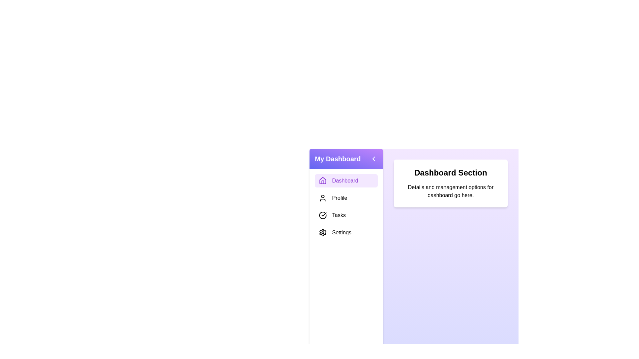 The height and width of the screenshot is (359, 639). I want to click on the circular check mark icon located to the left of the 'Tasks' text in the vertical navigation menu, so click(322, 215).